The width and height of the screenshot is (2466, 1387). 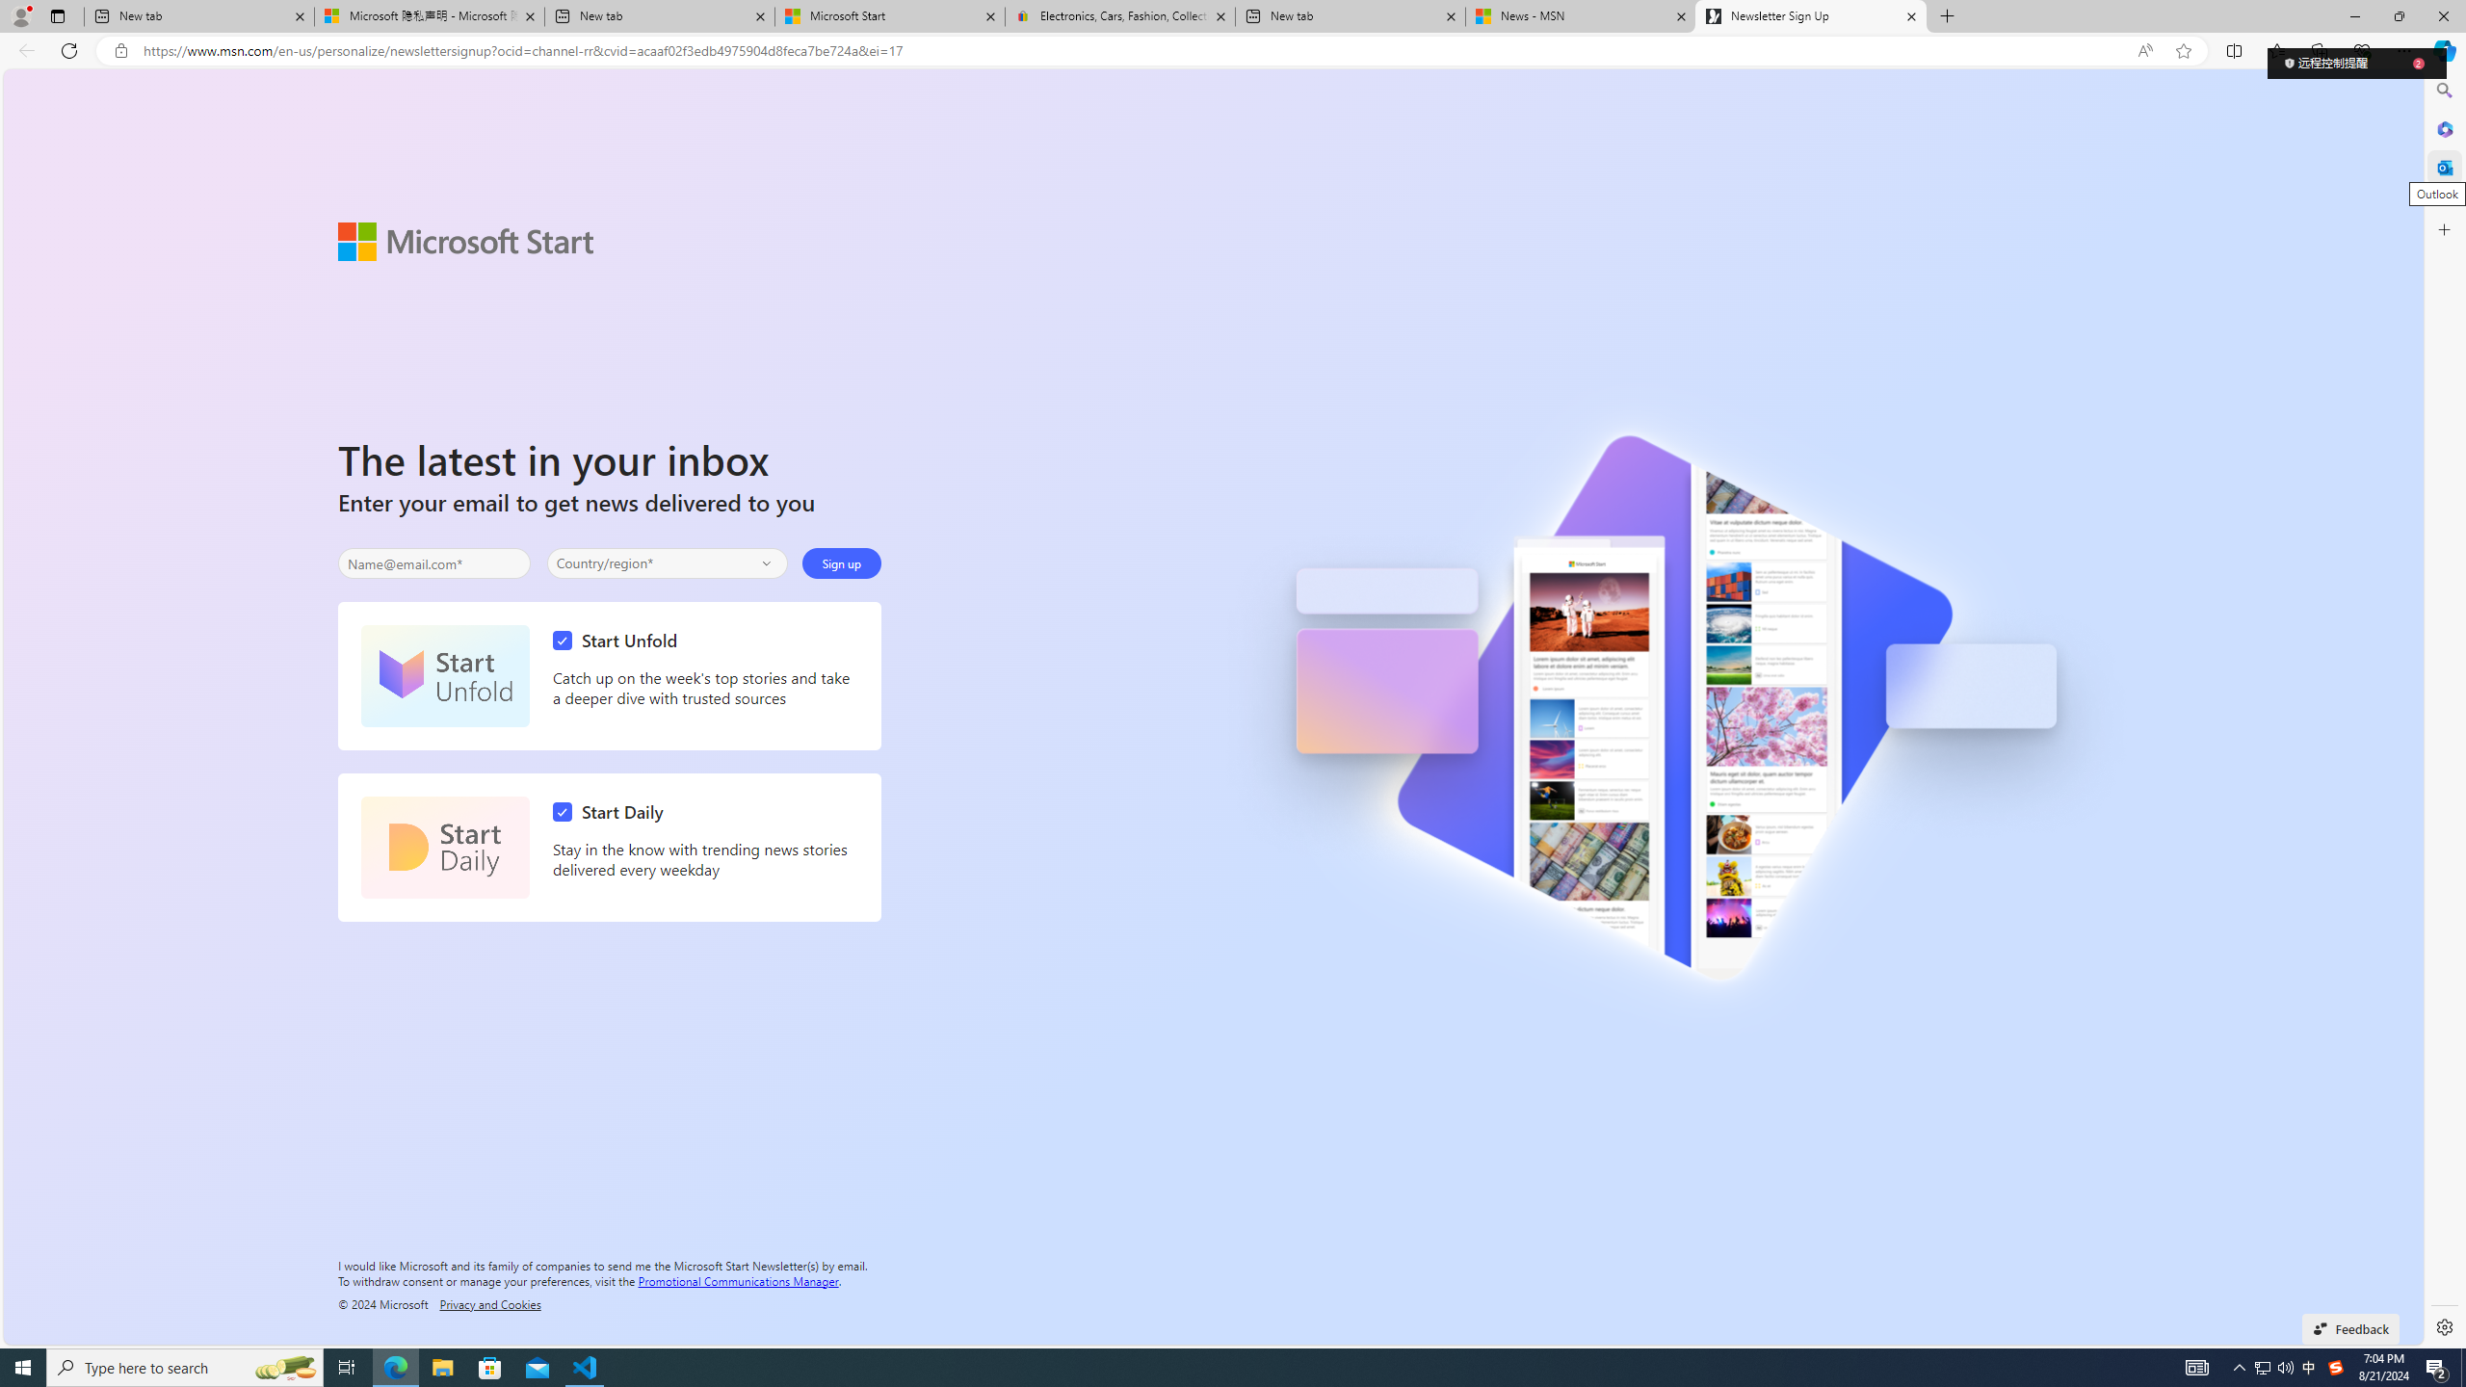 What do you see at coordinates (1810, 15) in the screenshot?
I see `'Newsletter Sign Up'` at bounding box center [1810, 15].